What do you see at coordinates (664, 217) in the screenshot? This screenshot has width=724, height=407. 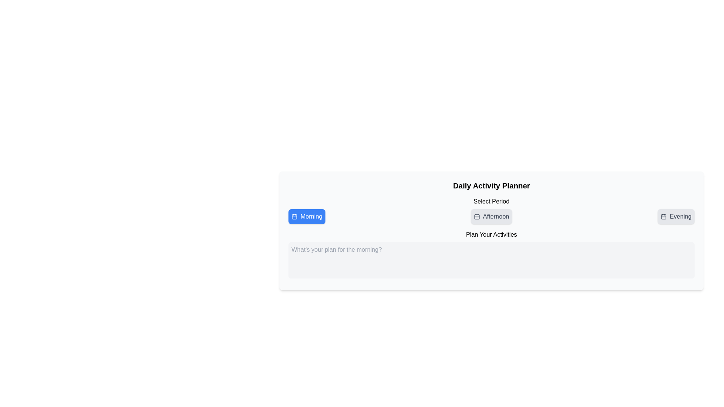 I see `the graphical rectangle element that is part of the calendar icon, located adjacent to the 'Evening' button on the right side of the page` at bounding box center [664, 217].